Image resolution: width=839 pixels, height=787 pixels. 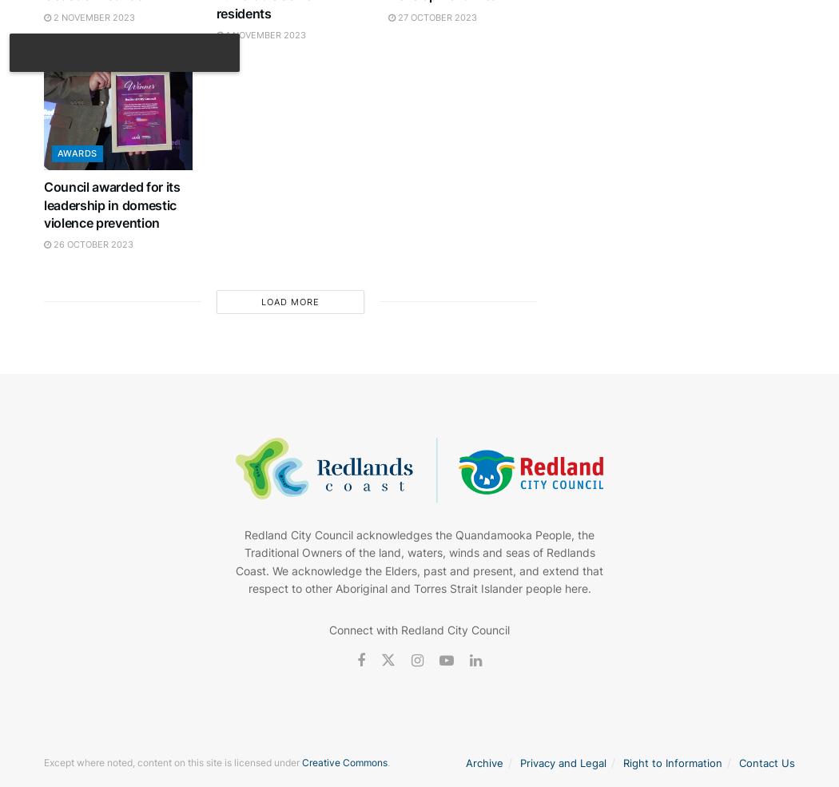 I want to click on 'Awards', so click(x=77, y=153).